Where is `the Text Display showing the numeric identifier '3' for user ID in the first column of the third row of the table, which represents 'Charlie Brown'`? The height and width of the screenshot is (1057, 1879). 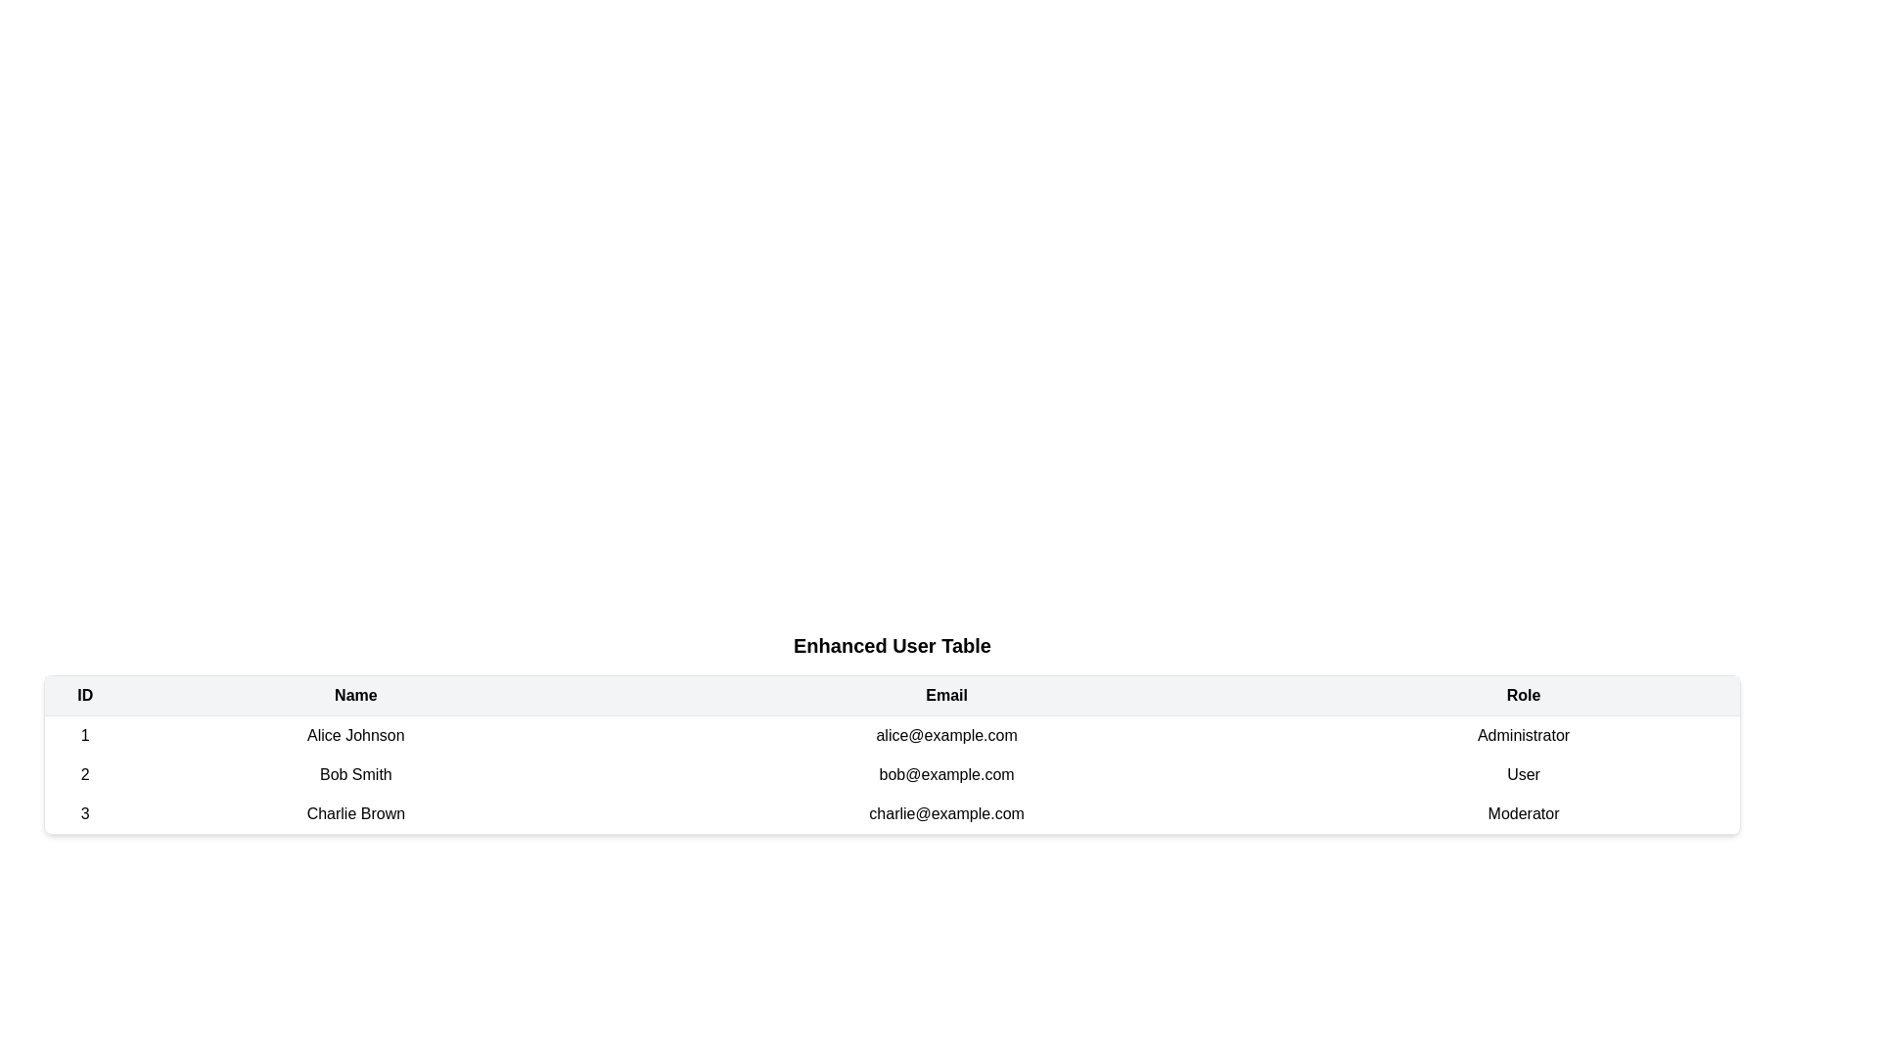
the Text Display showing the numeric identifier '3' for user ID in the first column of the third row of the table, which represents 'Charlie Brown' is located at coordinates (84, 814).